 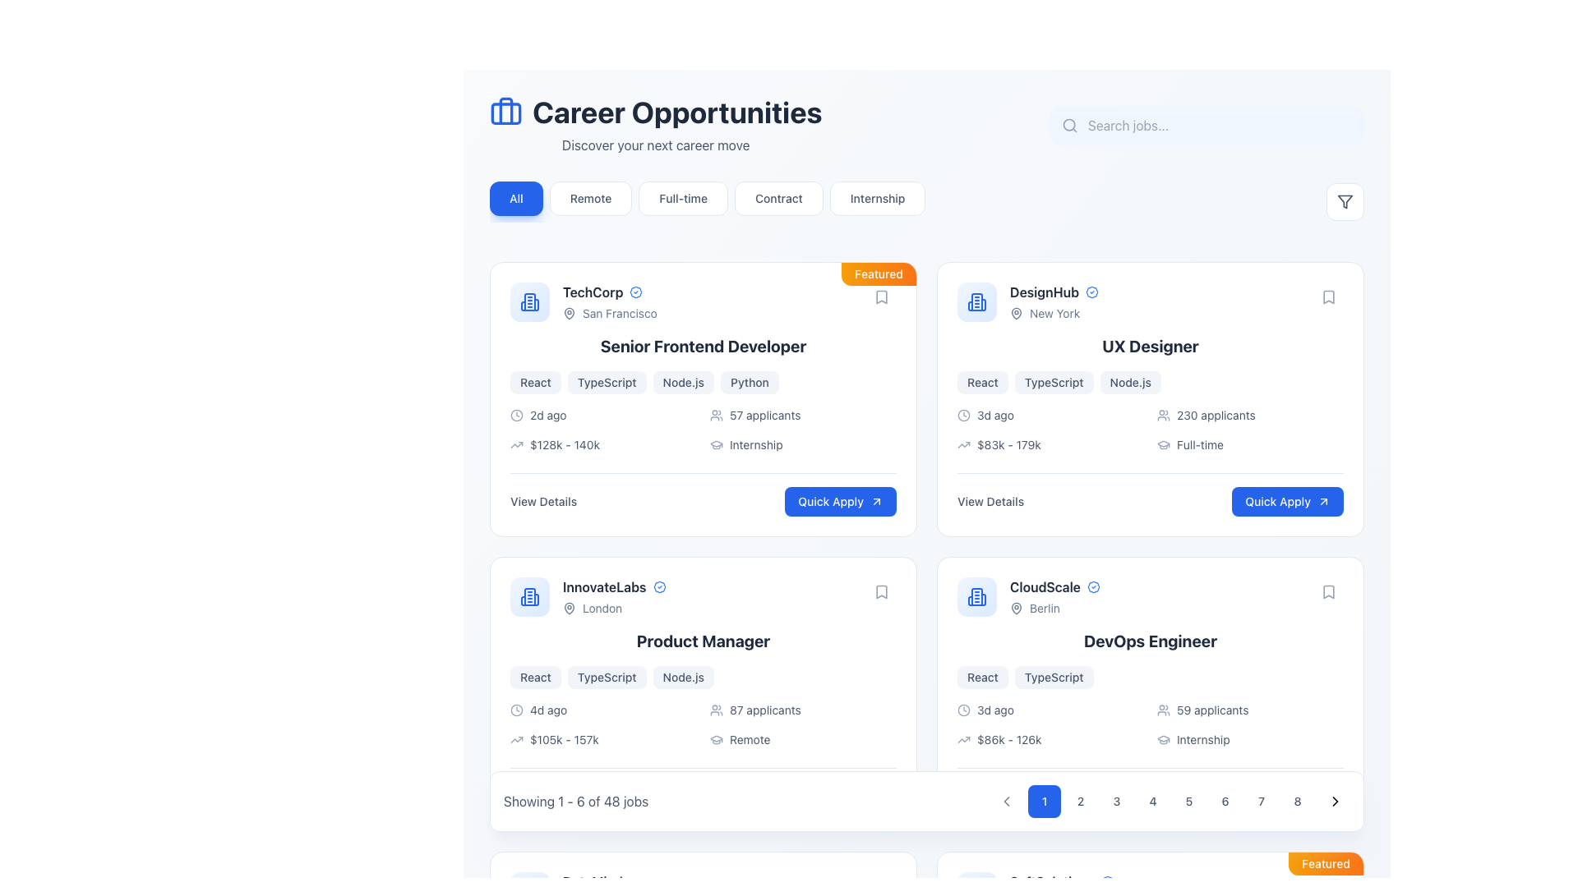 What do you see at coordinates (1297, 800) in the screenshot?
I see `the eighth circular button in the pagination bar located at the bottom-right corner` at bounding box center [1297, 800].